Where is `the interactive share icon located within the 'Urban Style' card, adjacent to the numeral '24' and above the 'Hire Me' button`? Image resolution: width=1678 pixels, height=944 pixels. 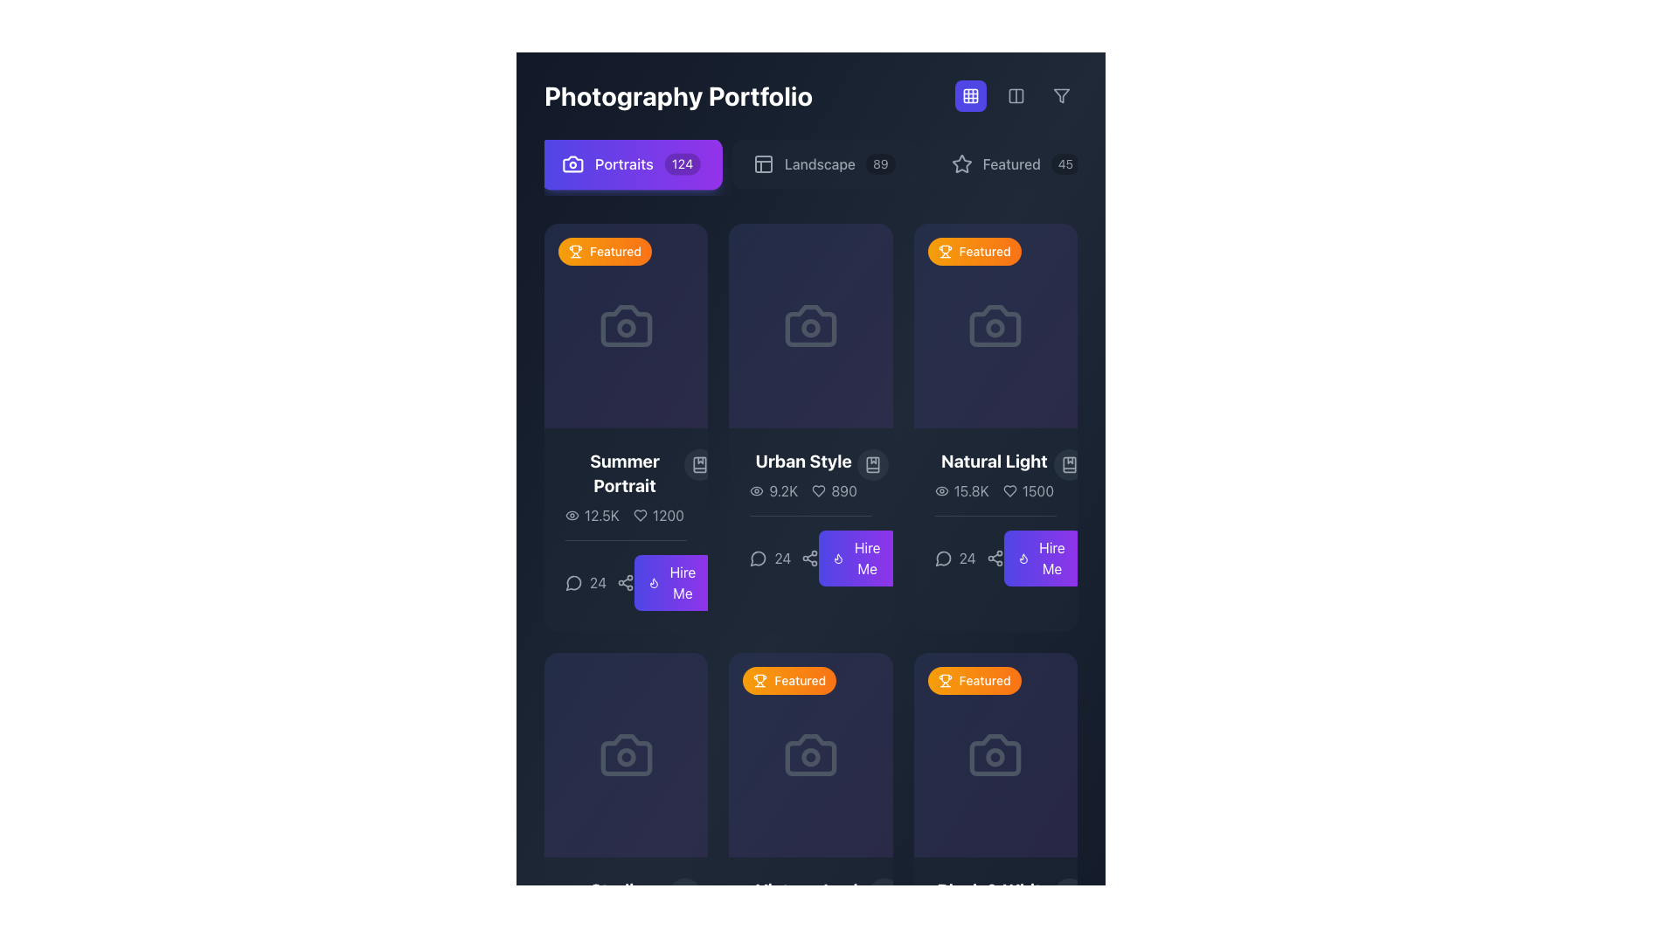
the interactive share icon located within the 'Urban Style' card, adjacent to the numeral '24' and above the 'Hire Me' button is located at coordinates (809, 551).